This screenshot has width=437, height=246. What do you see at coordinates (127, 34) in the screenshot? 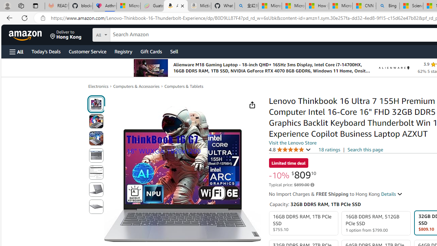
I see `'Search in'` at bounding box center [127, 34].